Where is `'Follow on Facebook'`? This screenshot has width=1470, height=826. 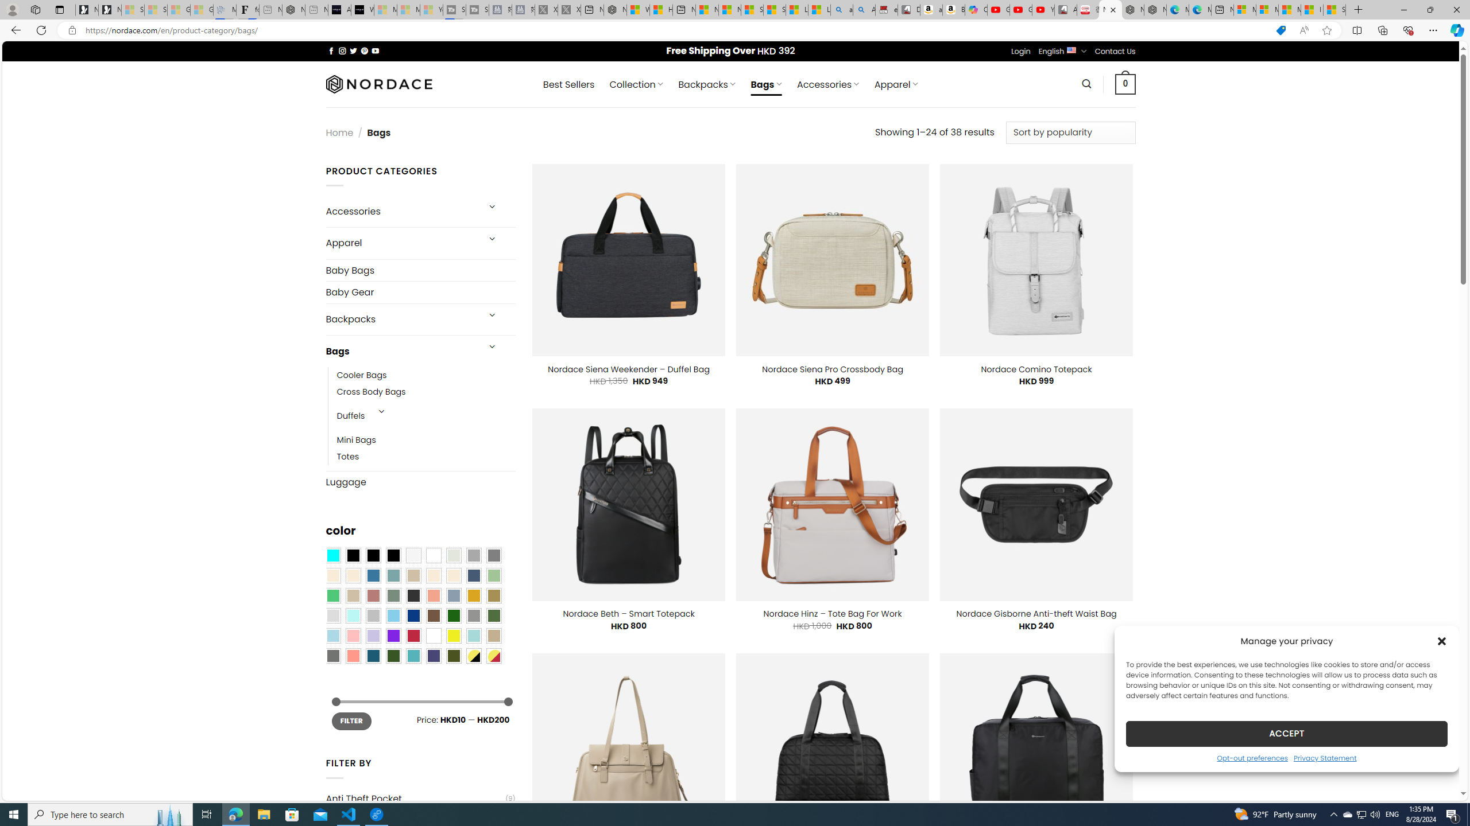 'Follow on Facebook' is located at coordinates (331, 50).